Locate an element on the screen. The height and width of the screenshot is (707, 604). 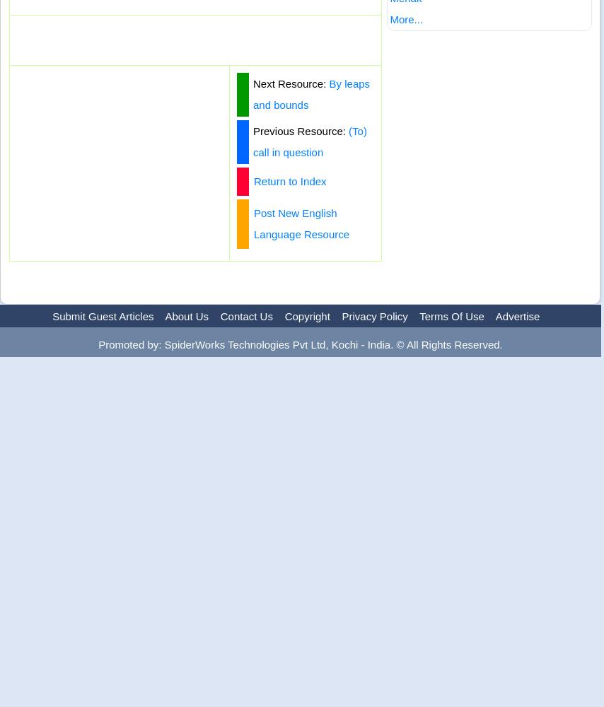
'Submit Guest Articles' is located at coordinates (102, 315).